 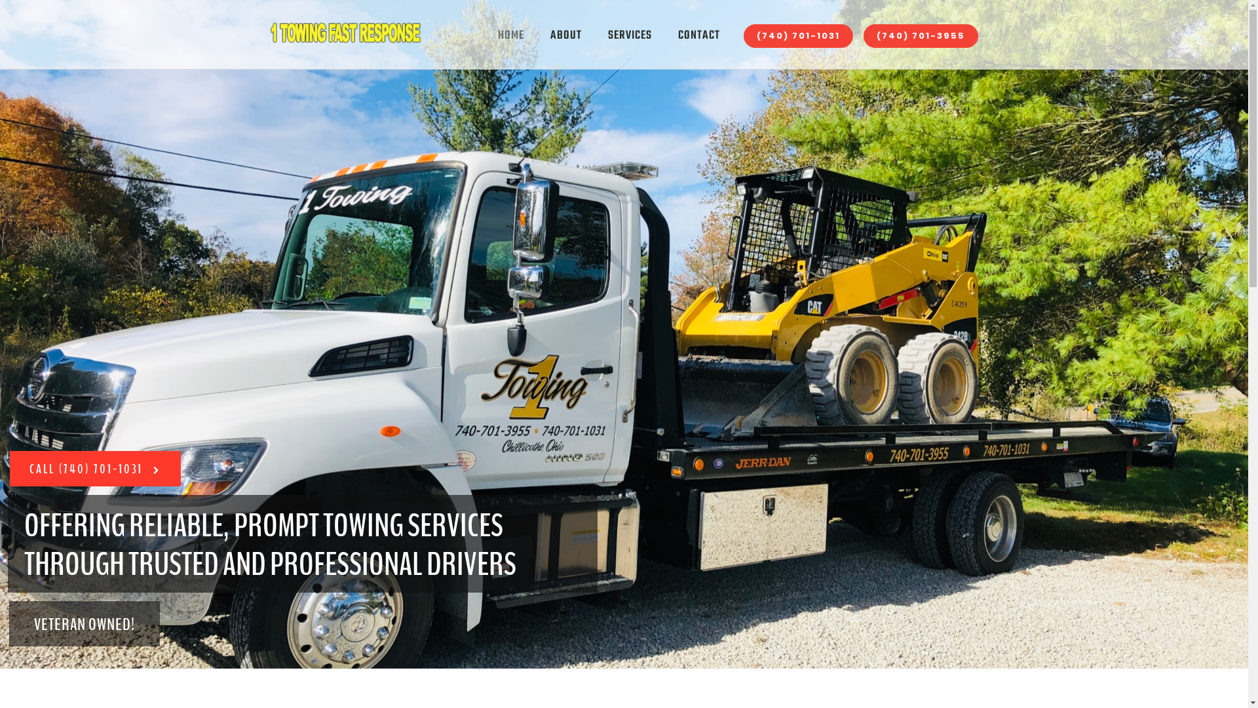 I want to click on 'SERVICES', so click(x=594, y=35).